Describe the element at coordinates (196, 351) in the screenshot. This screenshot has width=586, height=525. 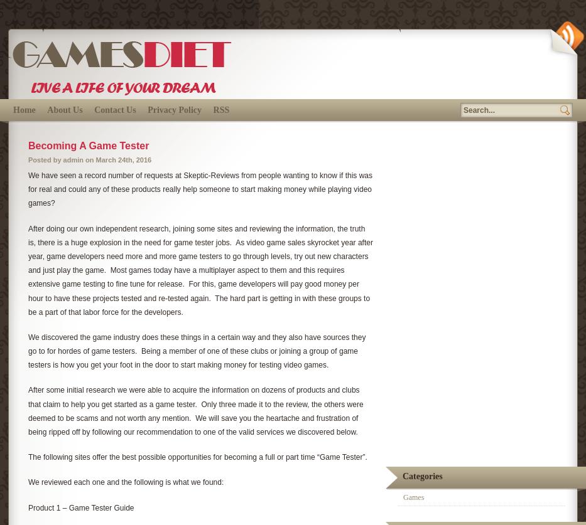
I see `'We discovered the game industry does these things in a certain way and they also have sources they go to for hordes of game testers.  Being a member of one of these clubs or joining a group of game testers is how you get your foot in the door to start making money for testing video games.'` at that location.